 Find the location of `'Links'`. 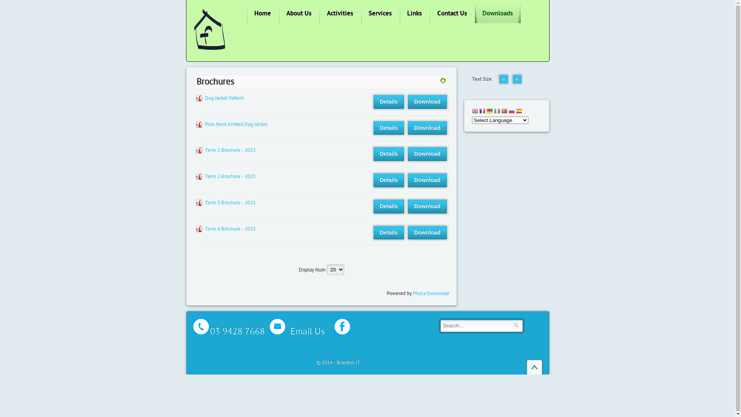

'Links' is located at coordinates (399, 13).